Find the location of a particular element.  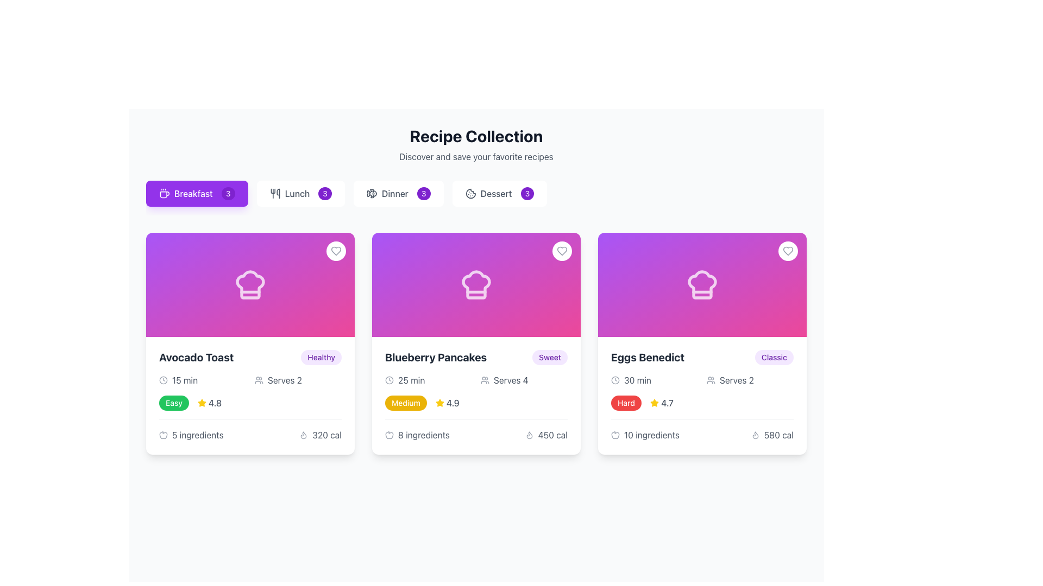

the cookie-shaped icon located within the 'Dessert' button in the toolbar section is located at coordinates (470, 193).